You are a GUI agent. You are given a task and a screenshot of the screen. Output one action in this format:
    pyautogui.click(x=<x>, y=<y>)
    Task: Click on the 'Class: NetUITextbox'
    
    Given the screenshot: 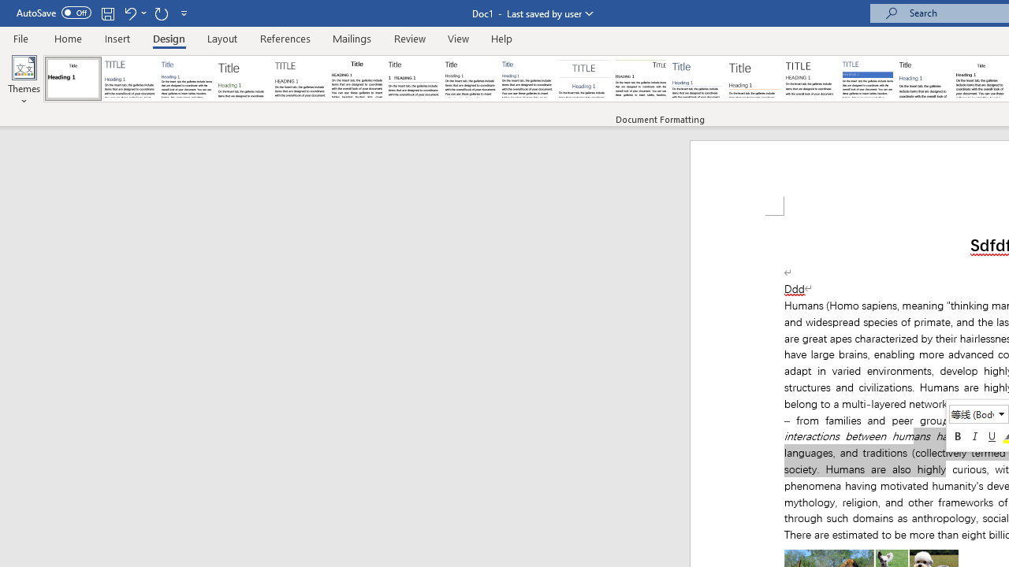 What is the action you would take?
    pyautogui.click(x=971, y=413)
    